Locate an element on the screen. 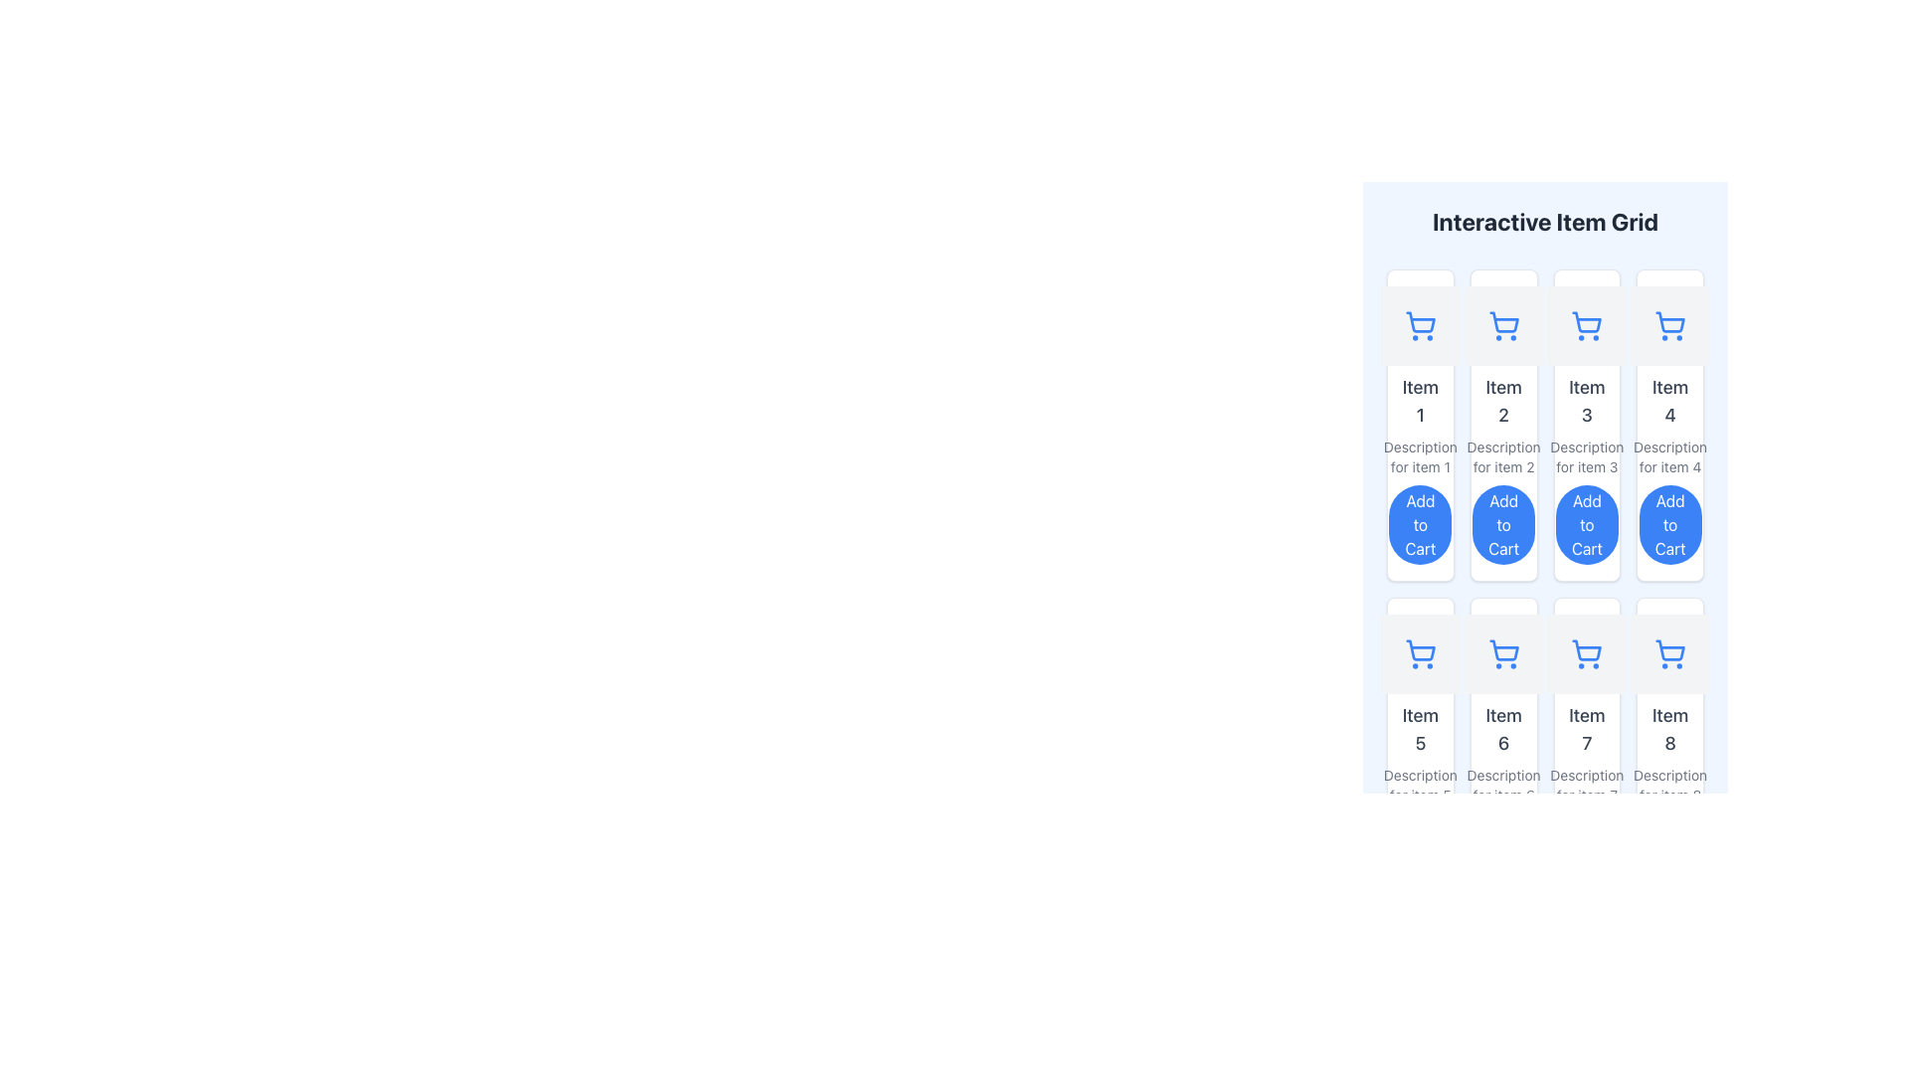  item title and description from the Item Card displaying details about 'Item 6', located in the second row and third column of the grid is located at coordinates (1503, 754).